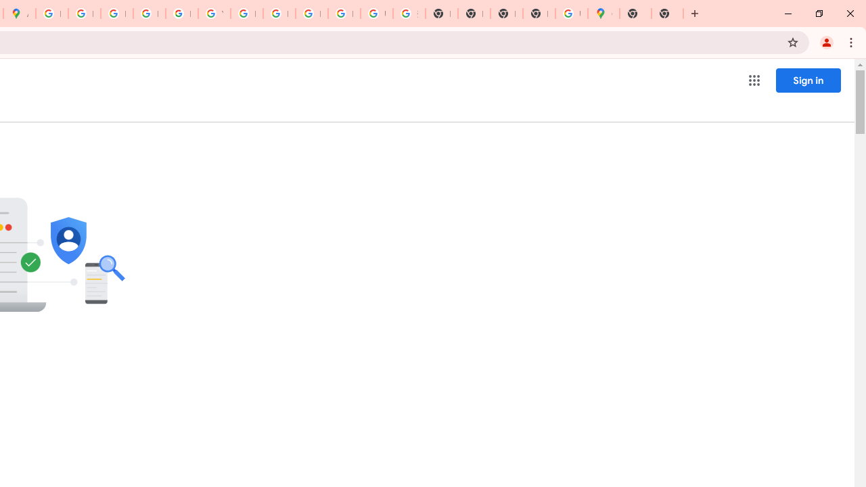 The width and height of the screenshot is (866, 487). What do you see at coordinates (635, 14) in the screenshot?
I see `'New Tab'` at bounding box center [635, 14].